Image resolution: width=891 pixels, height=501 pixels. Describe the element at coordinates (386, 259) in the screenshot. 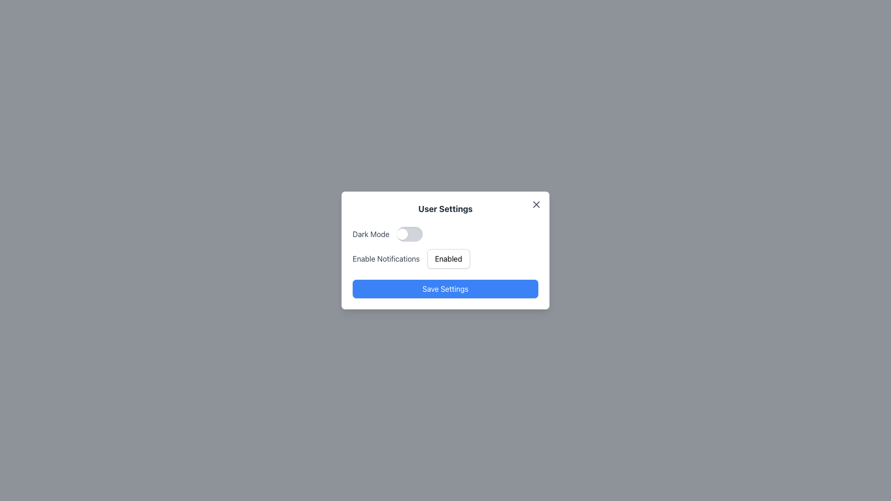

I see `informational text label that says 'Enable Notifications', located in the settings panel above the 'Save Settings' button and next to the 'Dark Mode' toggle option` at that location.